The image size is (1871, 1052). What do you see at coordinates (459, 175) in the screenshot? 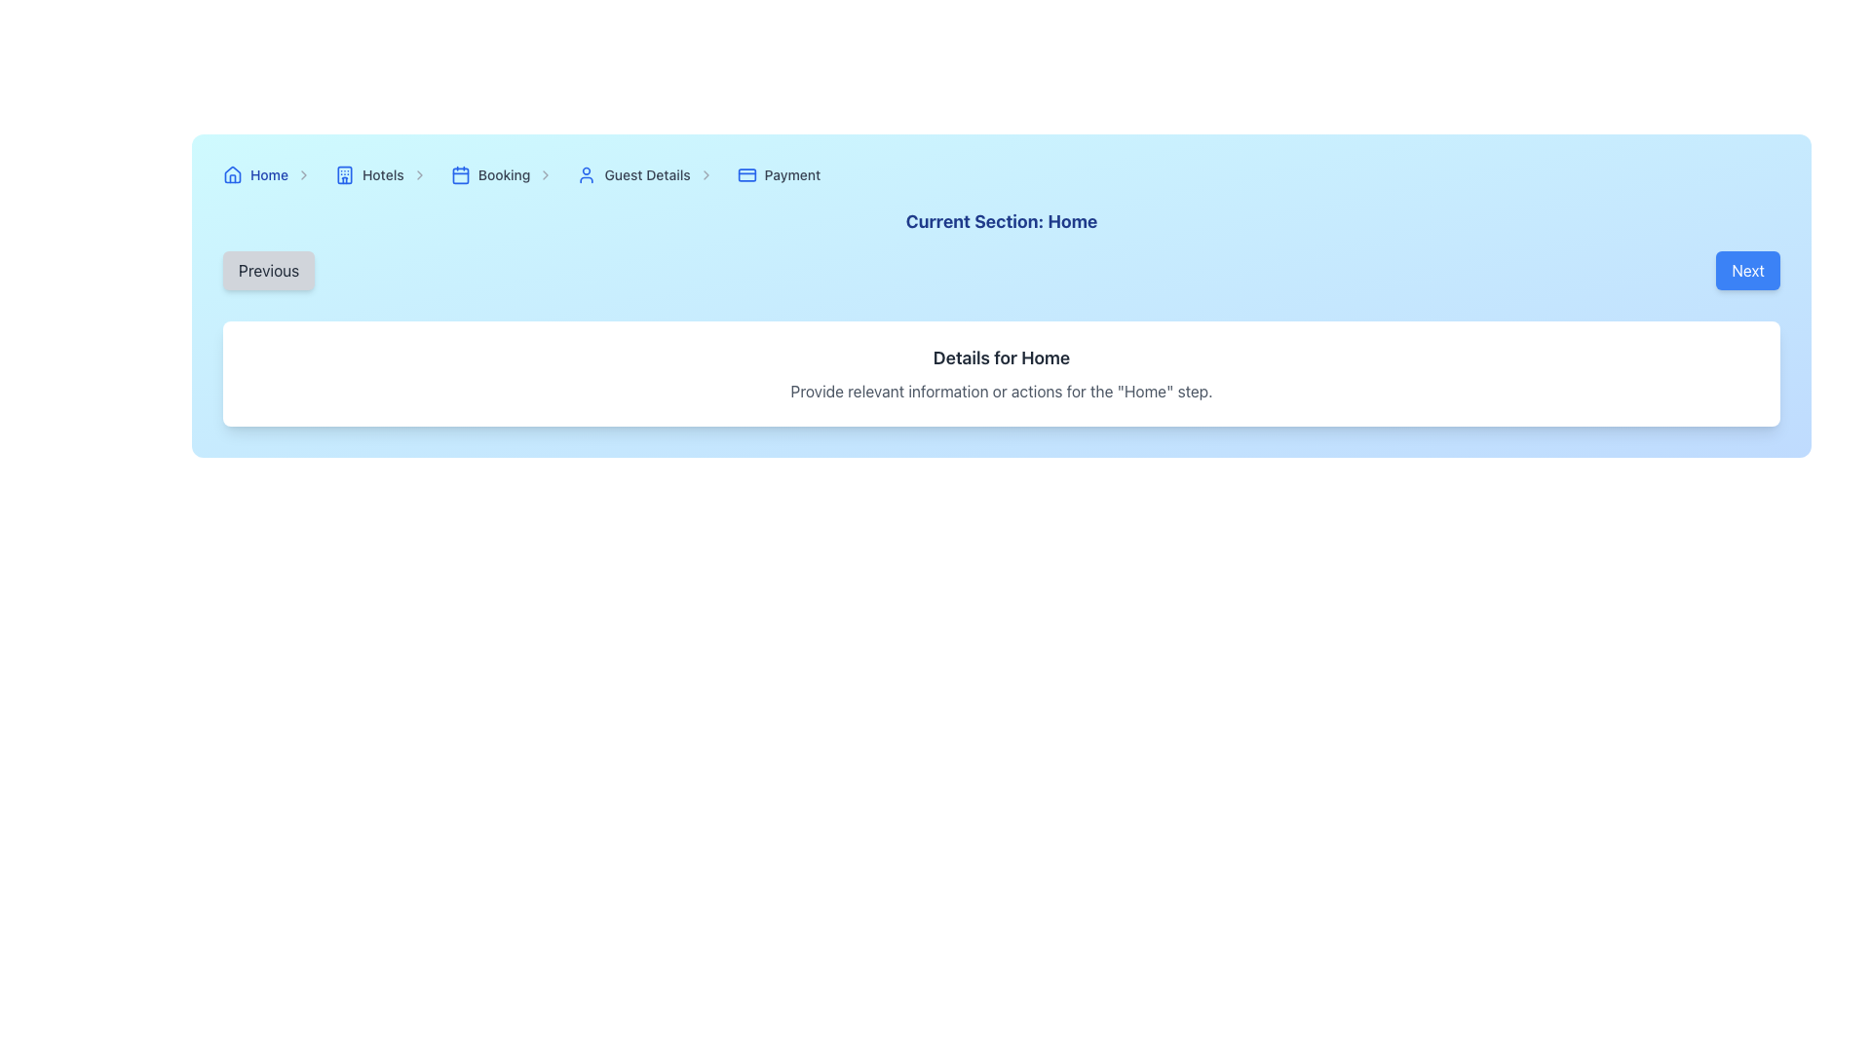
I see `the blue calendar icon with a rounded border located in the breadcrumb navigation bar, positioned between 'Hotels' and 'Guest Details', associated with the 'Booking' step` at bounding box center [459, 175].